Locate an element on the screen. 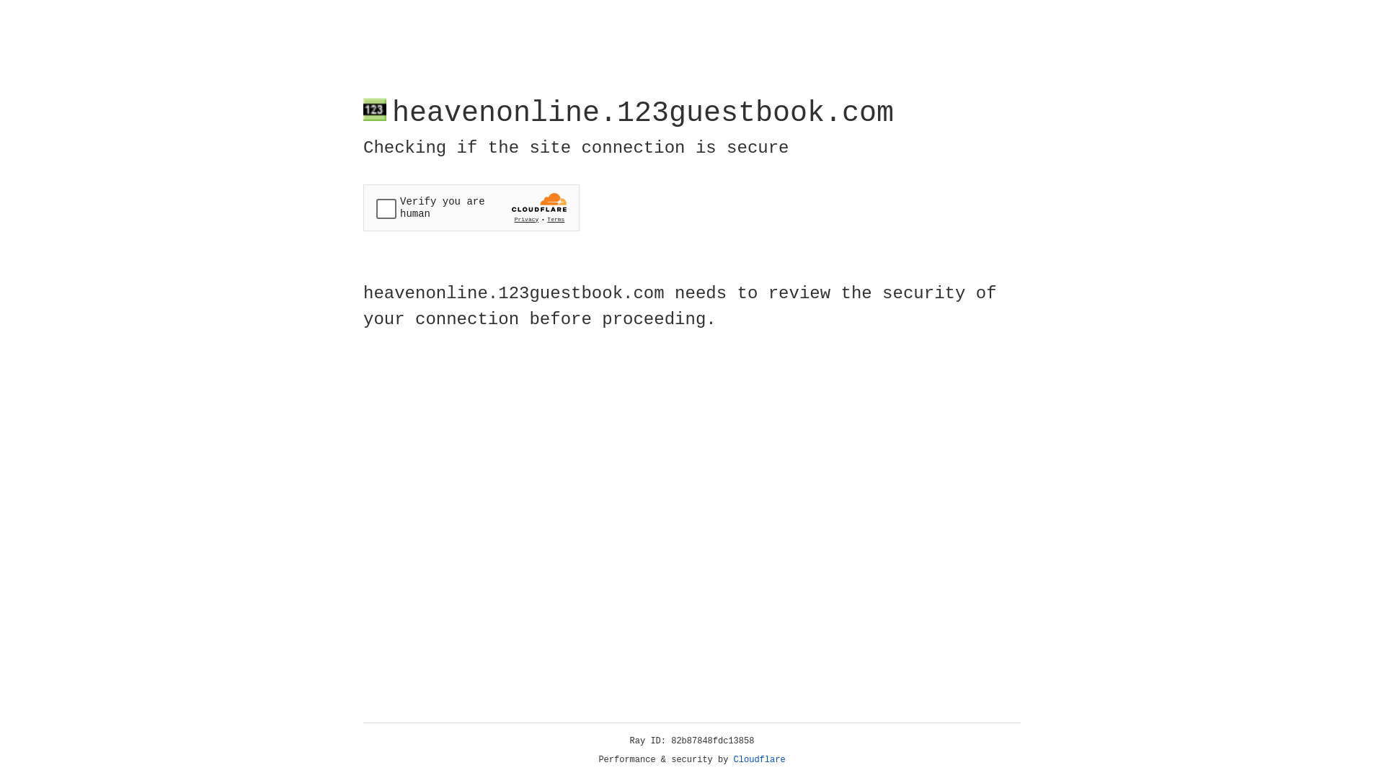 This screenshot has width=1384, height=778. 'Cloudflare' is located at coordinates (759, 759).